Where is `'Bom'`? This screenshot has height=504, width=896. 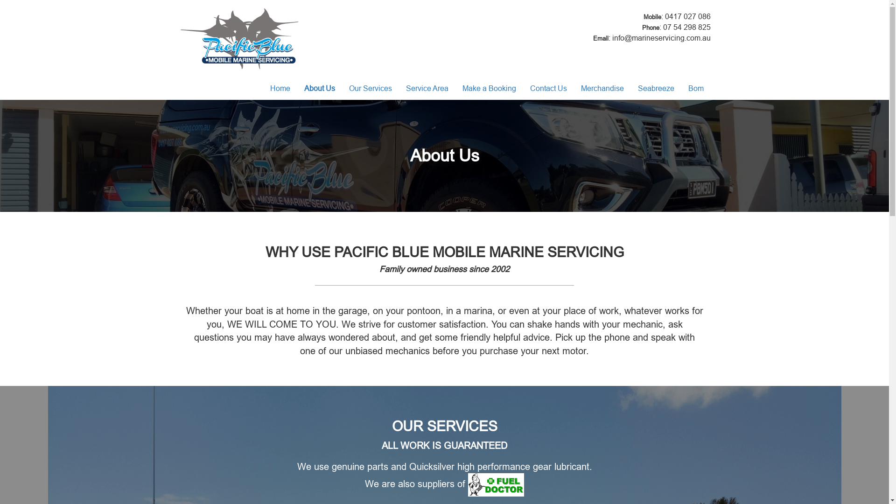
'Bom' is located at coordinates (681, 88).